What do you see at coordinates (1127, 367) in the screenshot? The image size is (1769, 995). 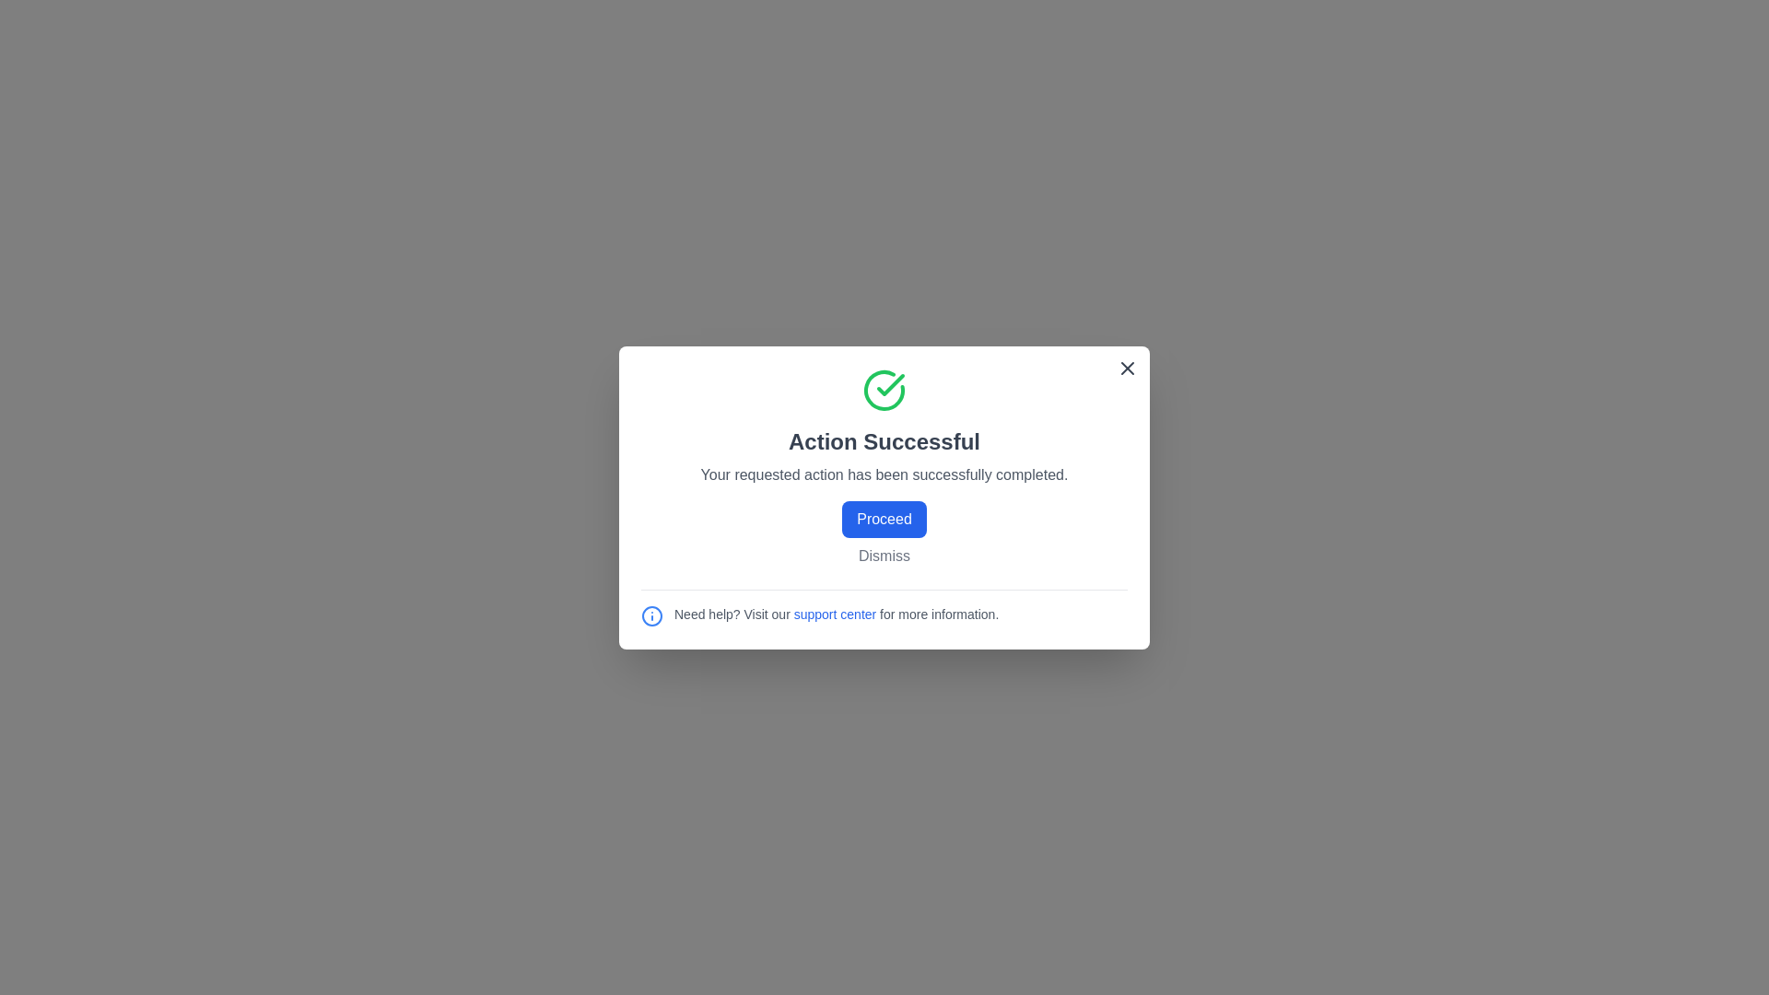 I see `the close button icon, which resembles a diagonal cross ('X') located in the top right corner of the modal` at bounding box center [1127, 367].